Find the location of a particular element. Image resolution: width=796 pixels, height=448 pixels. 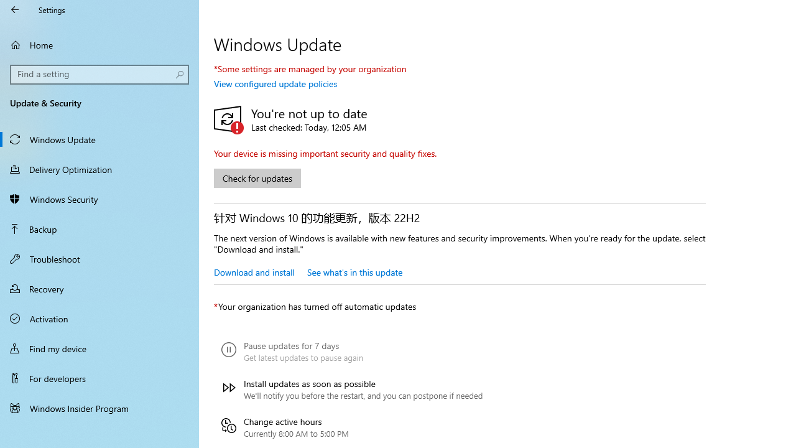

'Back' is located at coordinates (15, 9).